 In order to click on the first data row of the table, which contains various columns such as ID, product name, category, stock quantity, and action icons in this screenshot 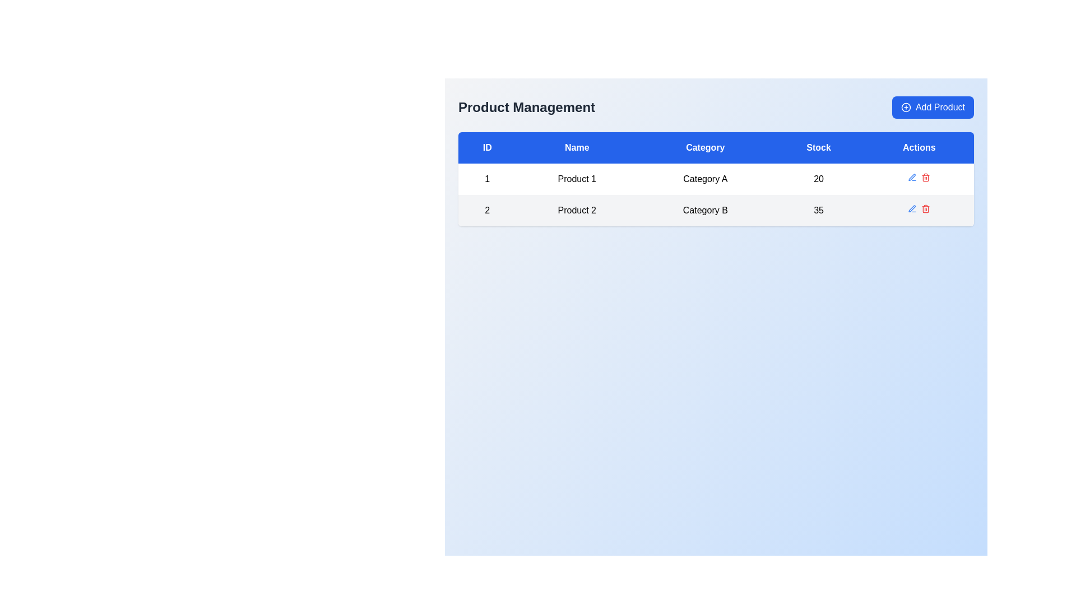, I will do `click(715, 179)`.